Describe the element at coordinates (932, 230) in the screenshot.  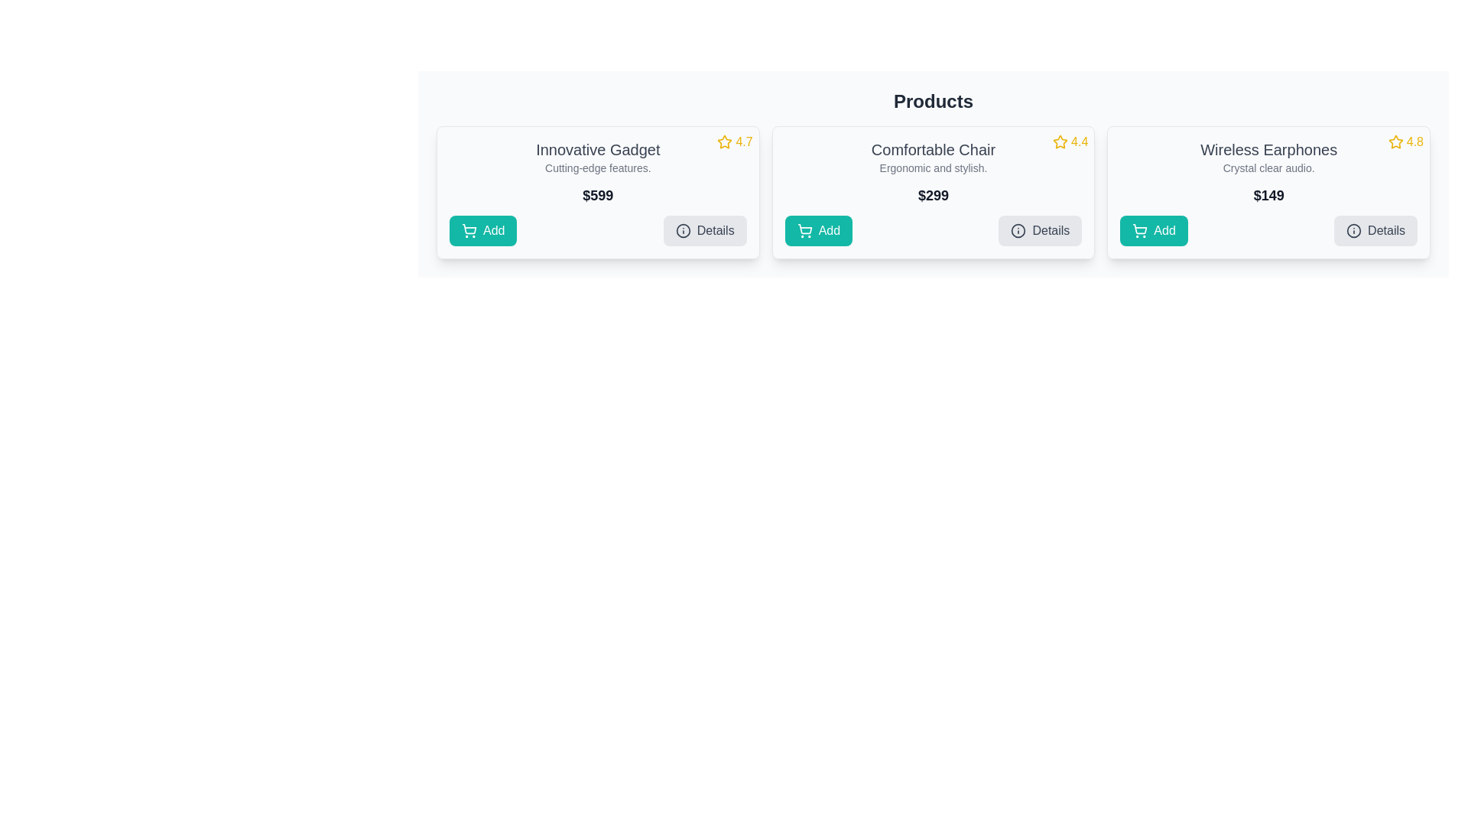
I see `the gray 'Details' button located at the bottom of the product card for 'Comfortable Chair'` at that location.